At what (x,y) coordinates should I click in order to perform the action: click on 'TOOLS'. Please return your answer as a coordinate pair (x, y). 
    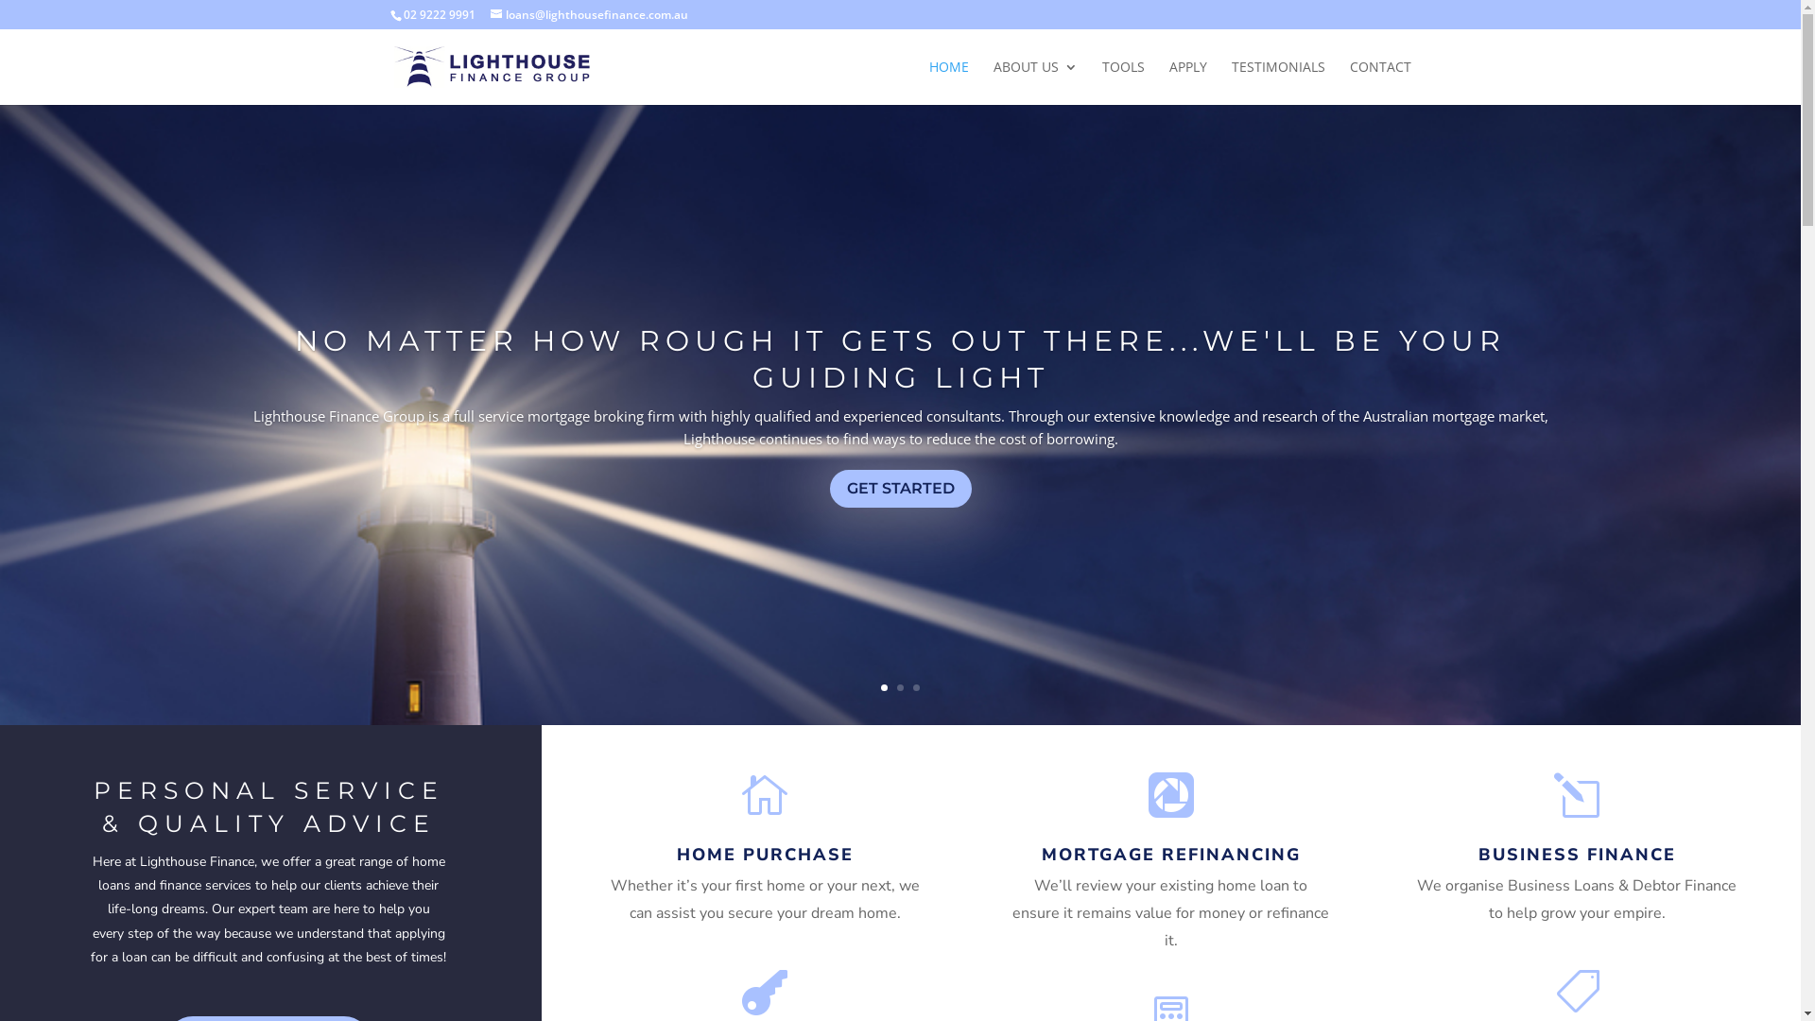
    Looking at the image, I should click on (1123, 81).